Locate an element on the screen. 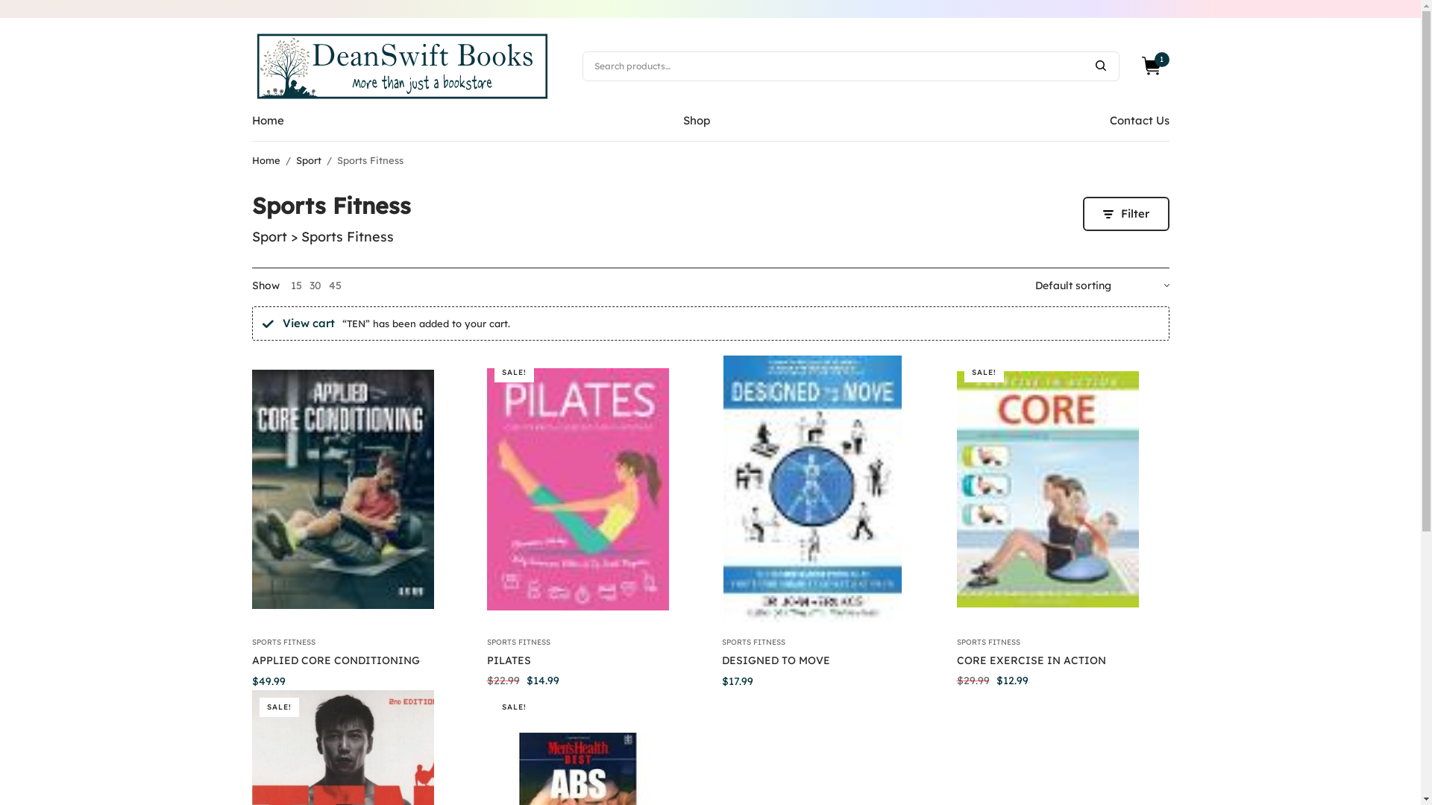  'SALE!' is located at coordinates (591, 488).